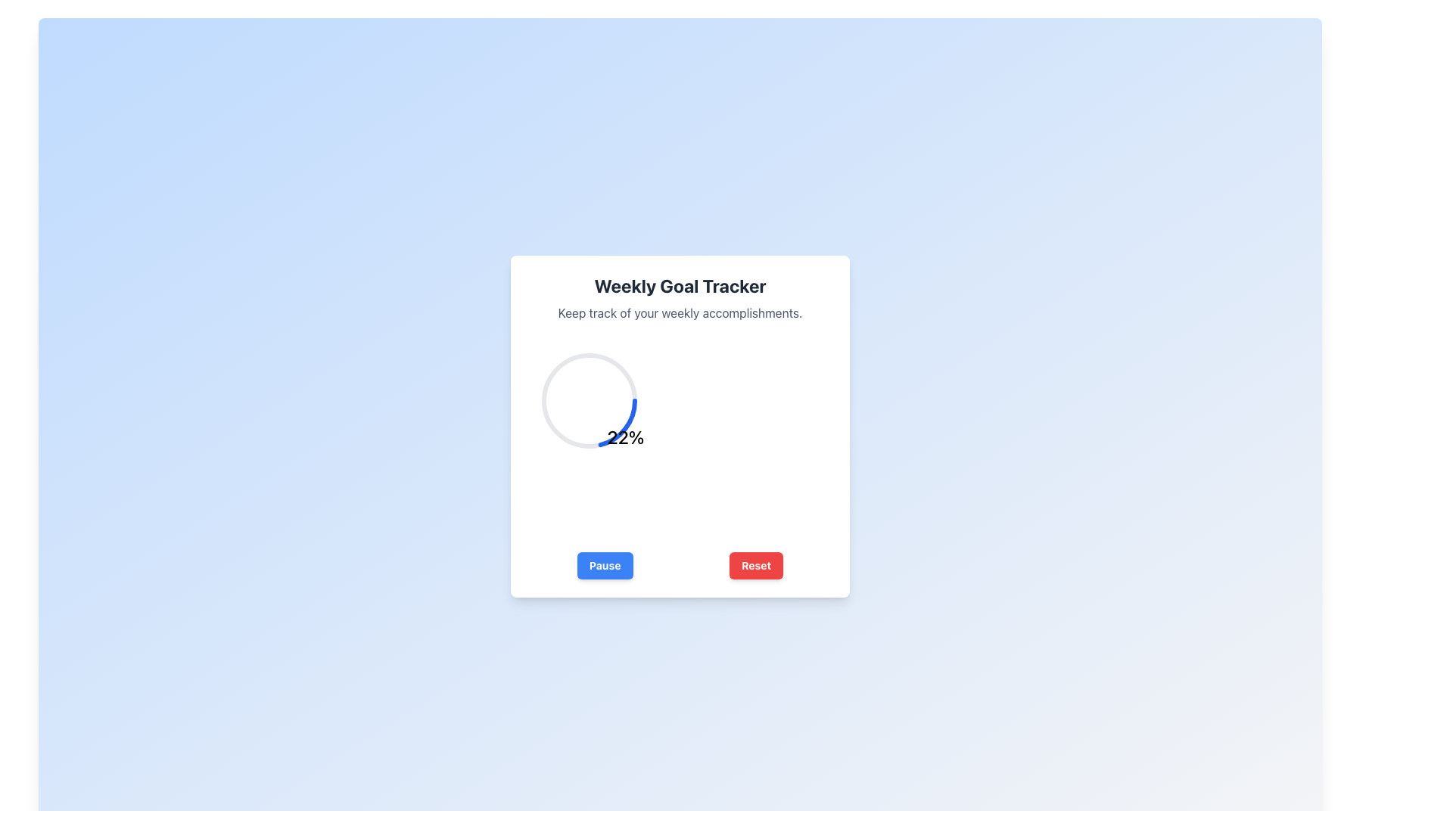  I want to click on the Circular Progress Indicator located in the 'Weekly Goal Tracker' card UI component, positioned between the description text and the buttons, so click(625, 437).